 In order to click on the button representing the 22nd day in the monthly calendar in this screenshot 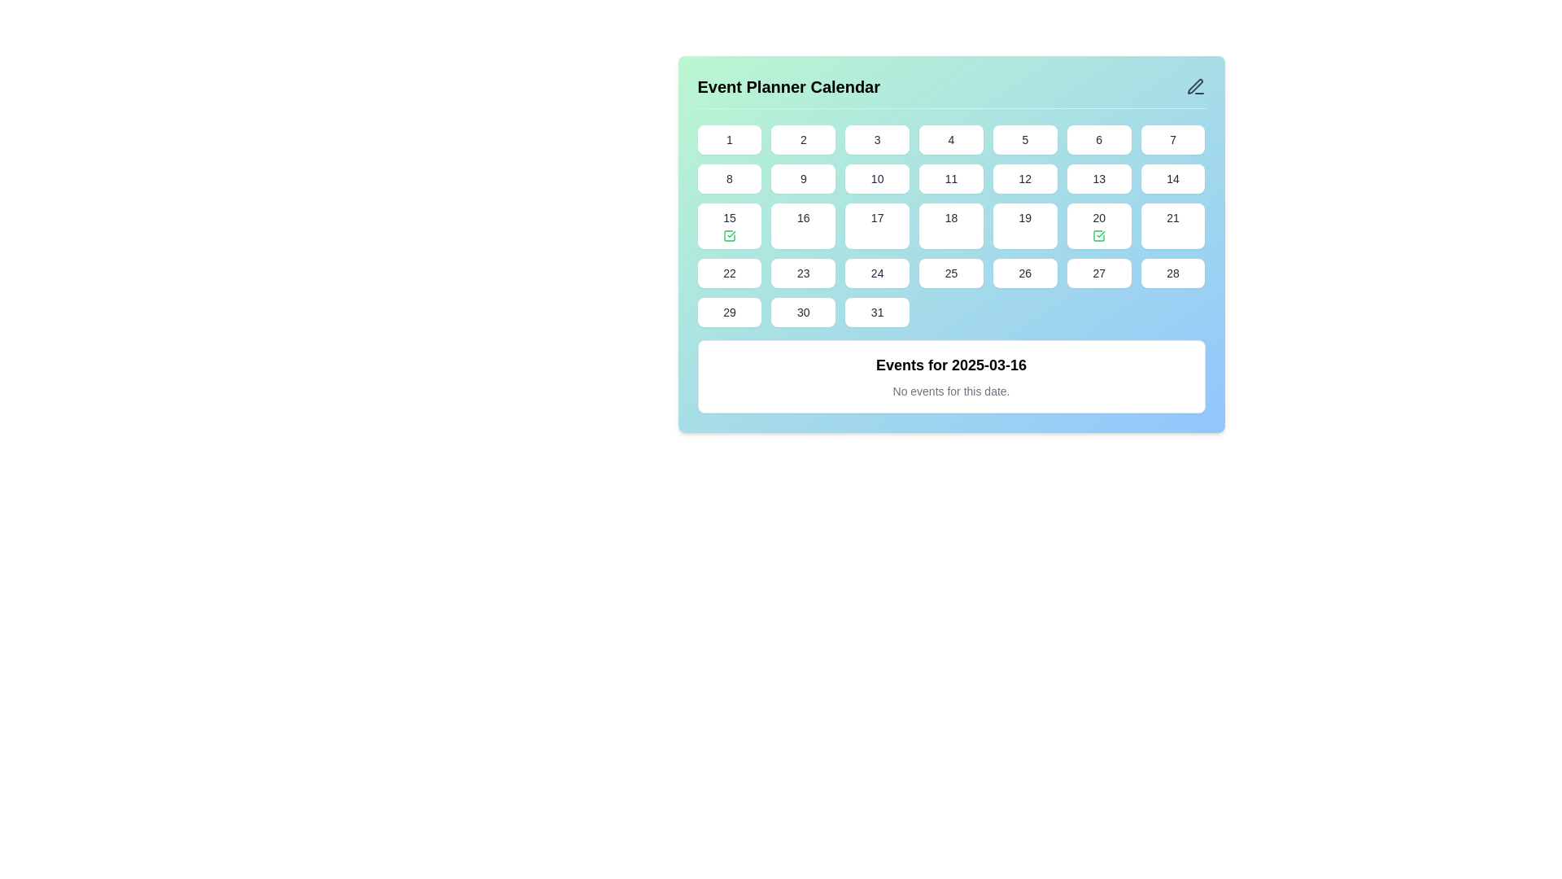, I will do `click(728, 272)`.